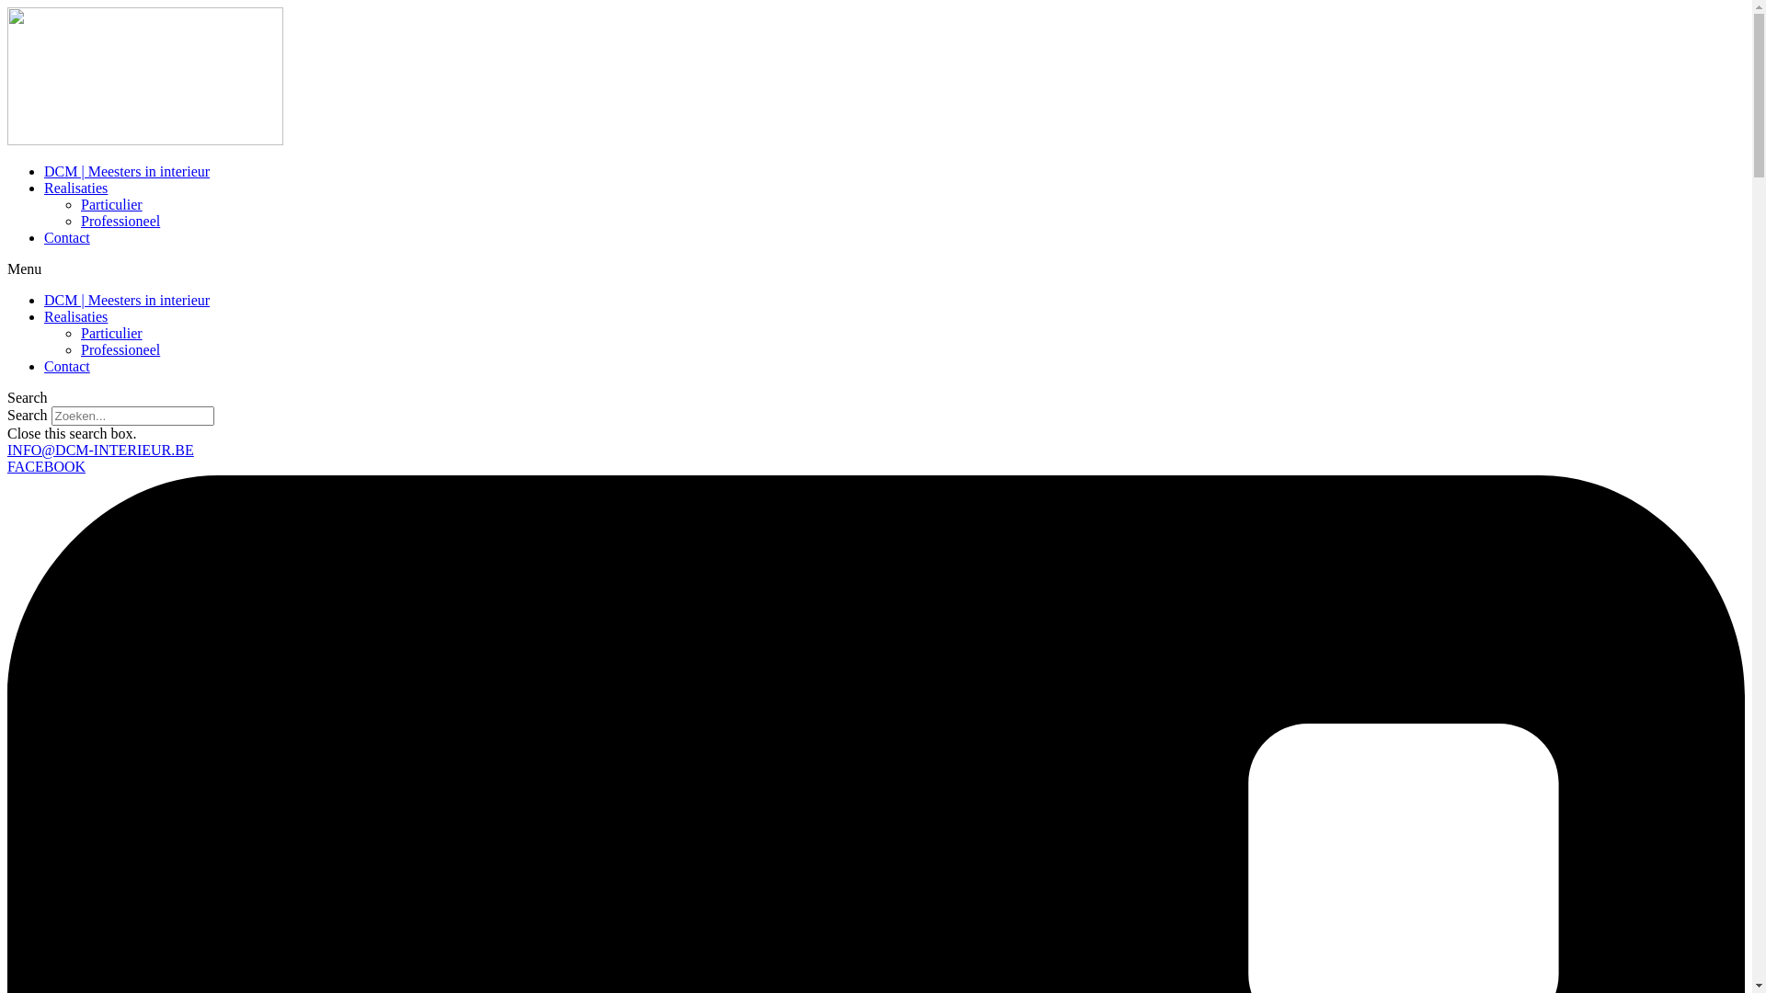 This screenshot has width=1766, height=993. What do you see at coordinates (75, 315) in the screenshot?
I see `'Realisaties'` at bounding box center [75, 315].